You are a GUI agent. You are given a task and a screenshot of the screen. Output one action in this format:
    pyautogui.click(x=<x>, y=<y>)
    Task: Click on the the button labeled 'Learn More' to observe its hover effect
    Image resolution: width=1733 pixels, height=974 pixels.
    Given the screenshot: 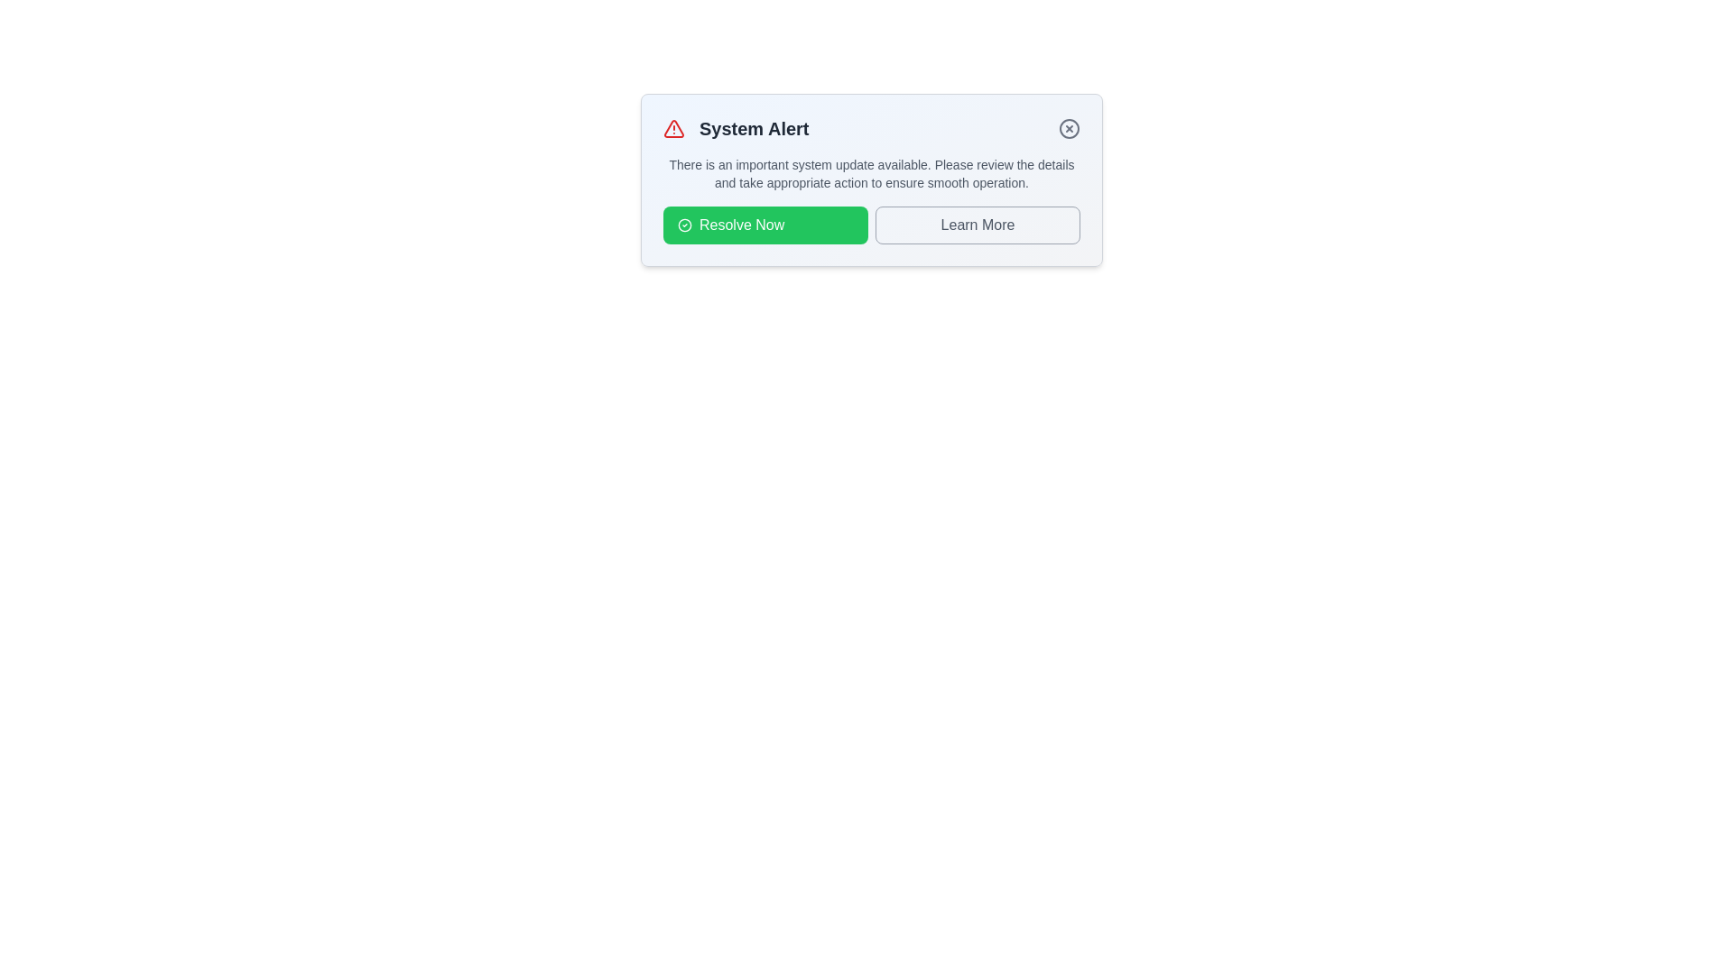 What is the action you would take?
    pyautogui.click(x=977, y=225)
    